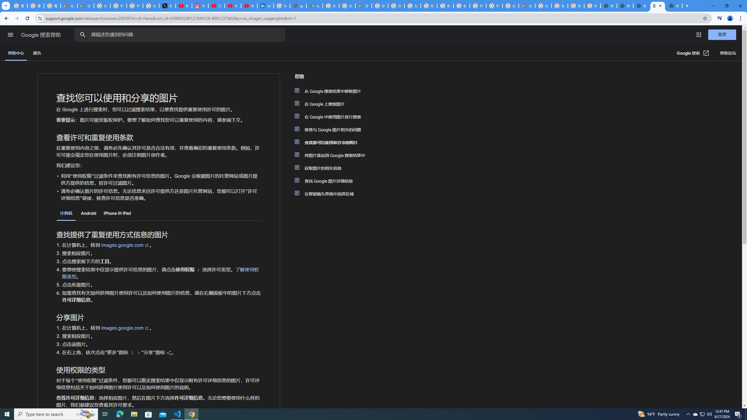 This screenshot has height=420, width=747. What do you see at coordinates (686, 6) in the screenshot?
I see `'New Tab'` at bounding box center [686, 6].